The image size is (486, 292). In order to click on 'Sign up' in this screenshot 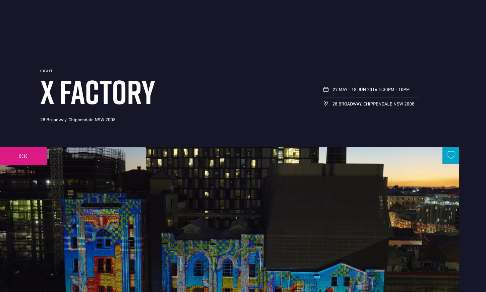, I will do `click(335, 21)`.